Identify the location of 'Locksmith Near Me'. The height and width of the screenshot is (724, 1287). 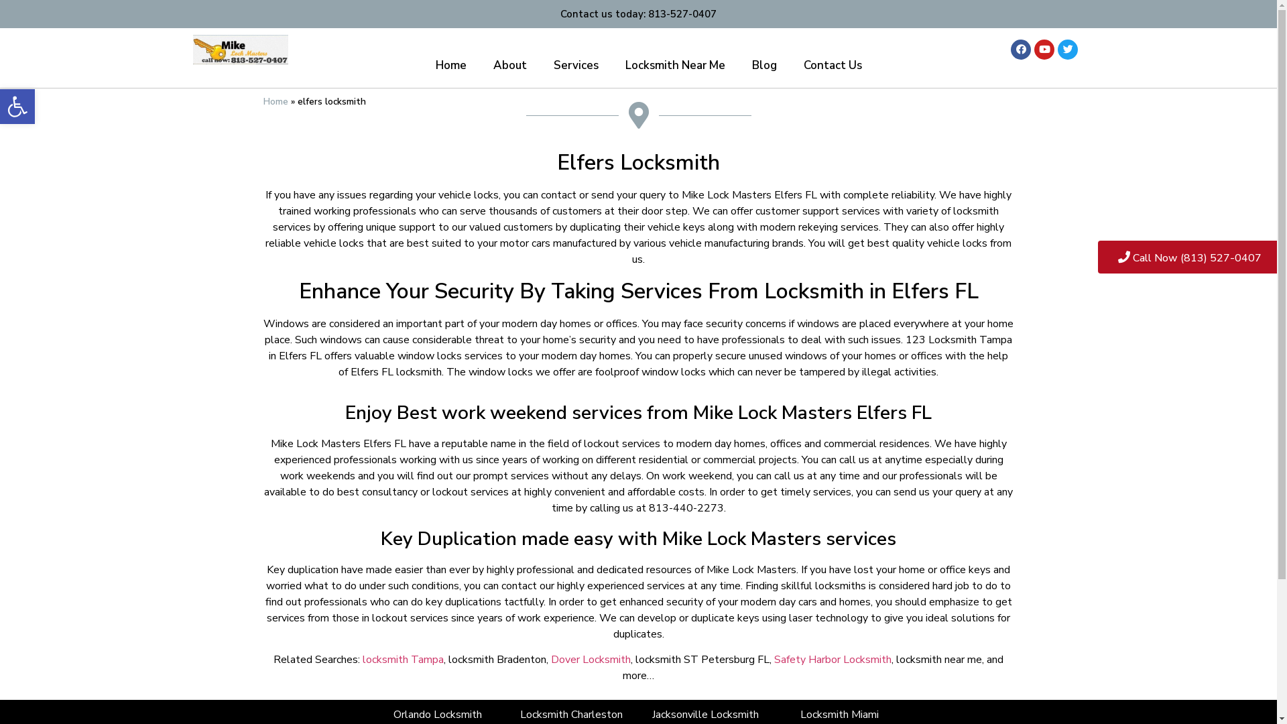
(675, 65).